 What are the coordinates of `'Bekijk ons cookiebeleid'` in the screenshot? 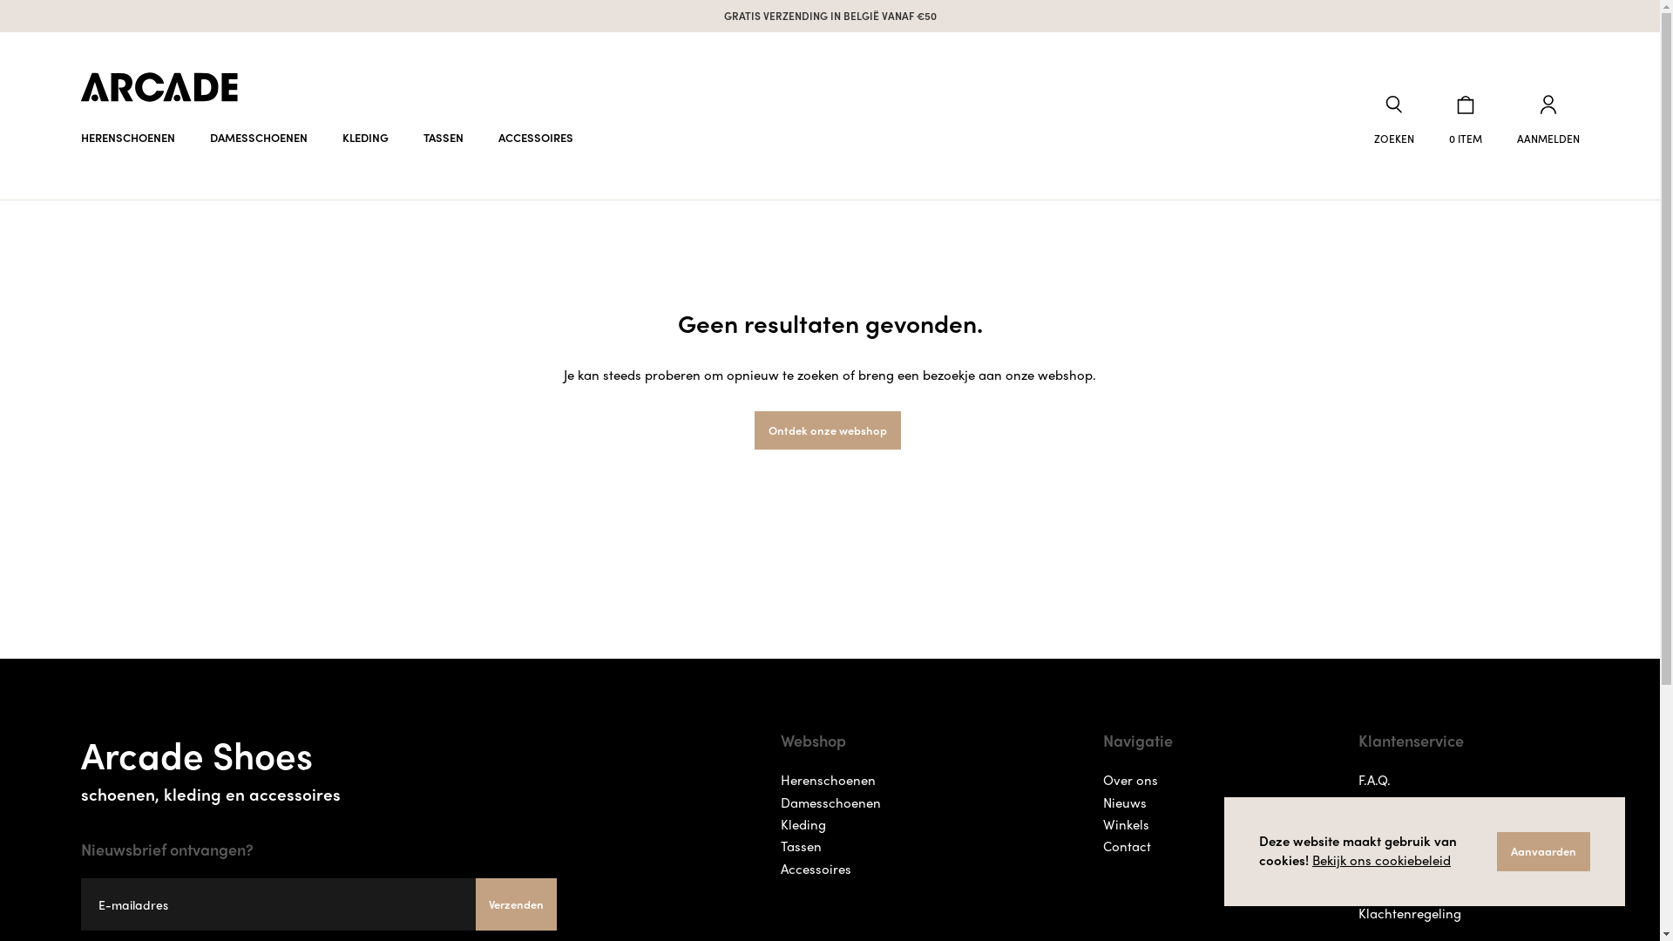 It's located at (1380, 859).